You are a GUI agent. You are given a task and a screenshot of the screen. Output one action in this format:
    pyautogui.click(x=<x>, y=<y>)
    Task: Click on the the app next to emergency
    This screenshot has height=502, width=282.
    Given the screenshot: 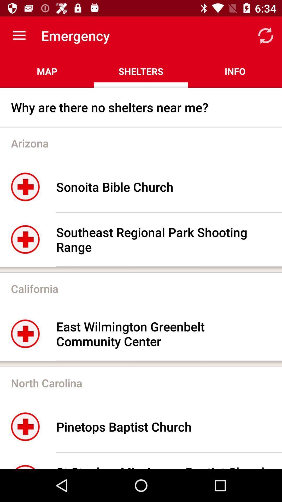 What is the action you would take?
    pyautogui.click(x=19, y=35)
    